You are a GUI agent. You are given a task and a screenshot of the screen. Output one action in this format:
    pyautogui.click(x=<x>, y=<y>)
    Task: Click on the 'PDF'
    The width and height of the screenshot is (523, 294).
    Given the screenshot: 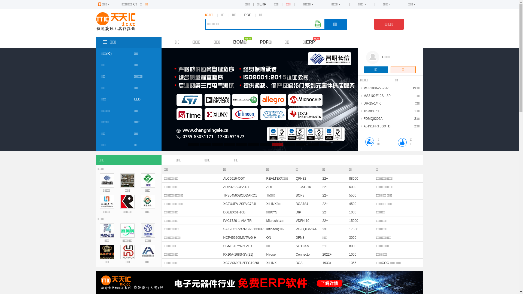 What is the action you would take?
    pyautogui.click(x=248, y=14)
    